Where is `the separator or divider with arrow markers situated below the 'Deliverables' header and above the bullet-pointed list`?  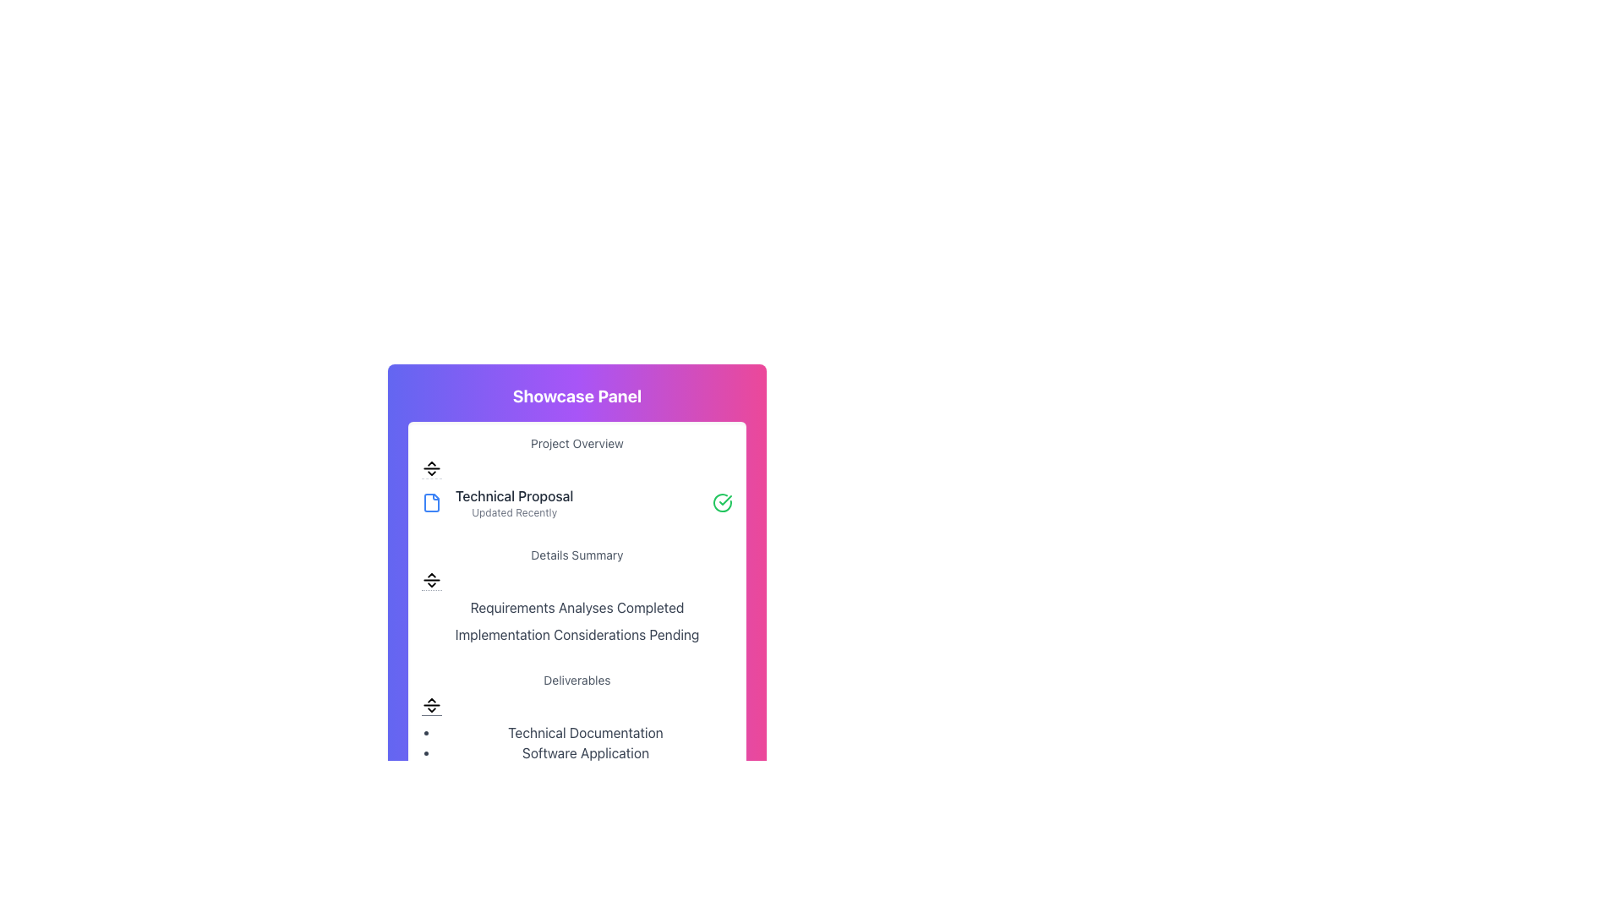 the separator or divider with arrow markers situated below the 'Deliverables' header and above the bullet-pointed list is located at coordinates (431, 705).